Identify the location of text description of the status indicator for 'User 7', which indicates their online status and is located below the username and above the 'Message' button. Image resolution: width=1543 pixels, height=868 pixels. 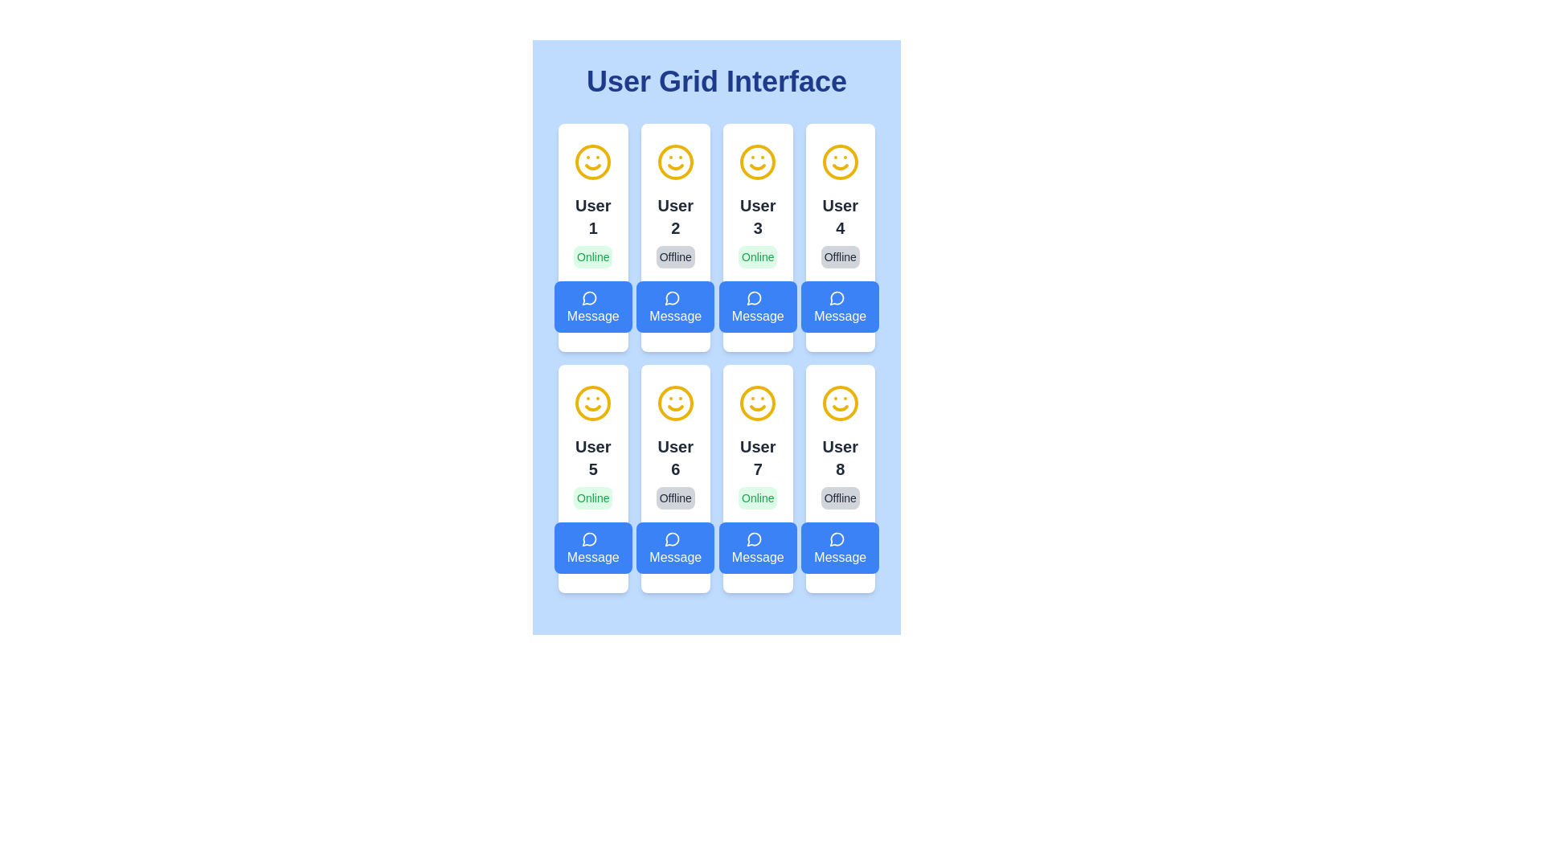
(757, 497).